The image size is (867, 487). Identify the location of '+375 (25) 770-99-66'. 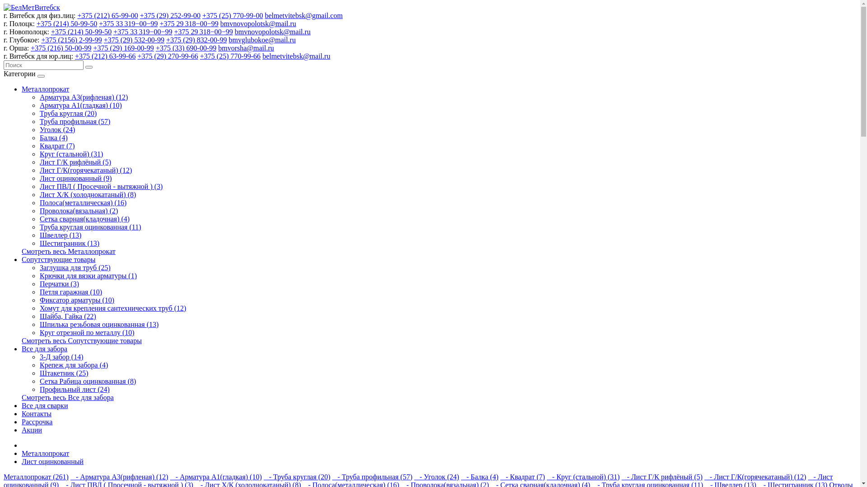
(230, 56).